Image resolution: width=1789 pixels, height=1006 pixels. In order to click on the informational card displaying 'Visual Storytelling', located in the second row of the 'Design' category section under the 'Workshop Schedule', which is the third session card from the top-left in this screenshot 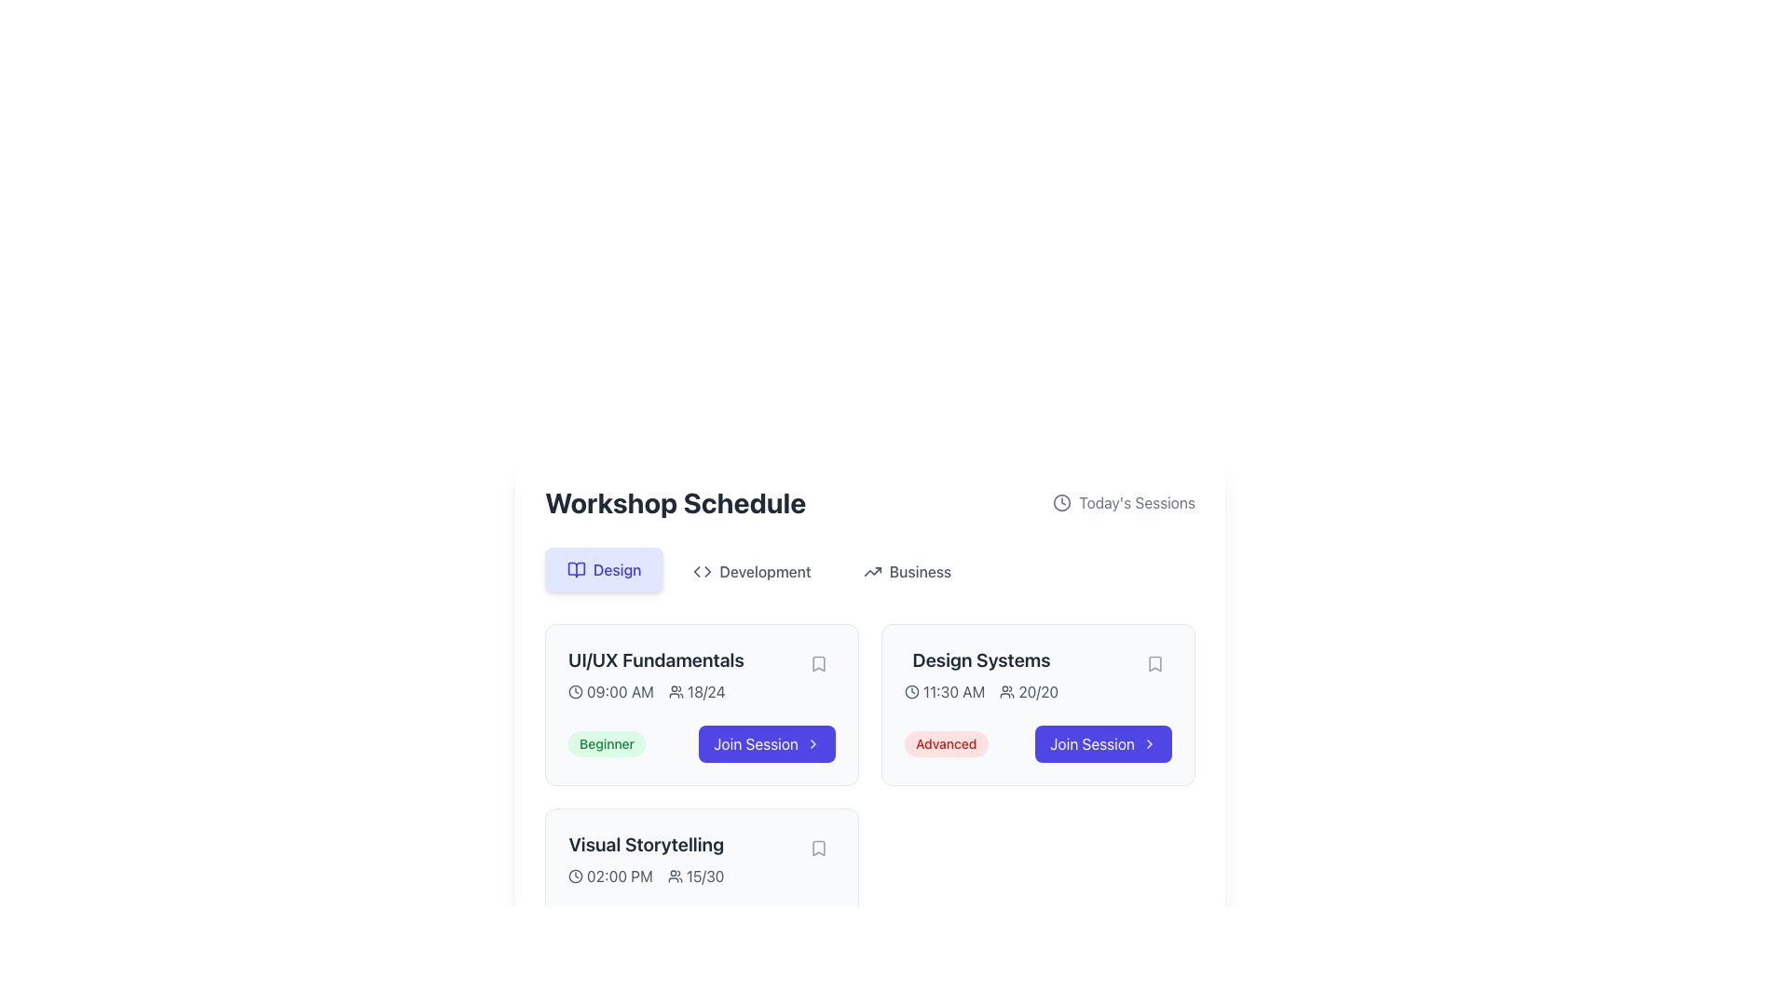, I will do `click(646, 859)`.